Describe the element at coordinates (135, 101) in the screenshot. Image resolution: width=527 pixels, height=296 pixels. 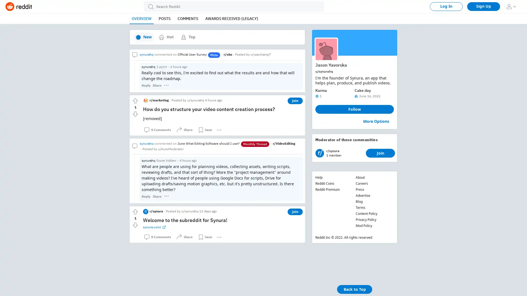
I see `upvote` at that location.